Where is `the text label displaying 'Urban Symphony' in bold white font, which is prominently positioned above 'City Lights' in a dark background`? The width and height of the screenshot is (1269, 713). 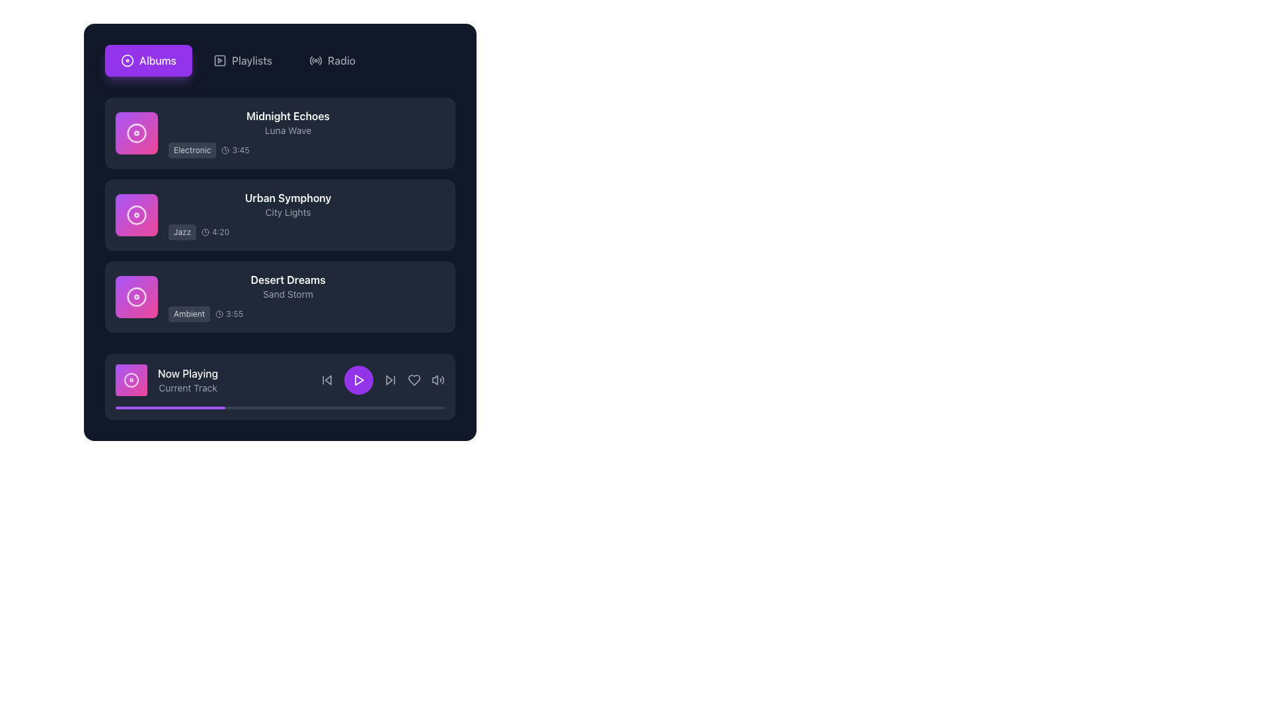 the text label displaying 'Urban Symphony' in bold white font, which is prominently positioned above 'City Lights' in a dark background is located at coordinates (288, 198).